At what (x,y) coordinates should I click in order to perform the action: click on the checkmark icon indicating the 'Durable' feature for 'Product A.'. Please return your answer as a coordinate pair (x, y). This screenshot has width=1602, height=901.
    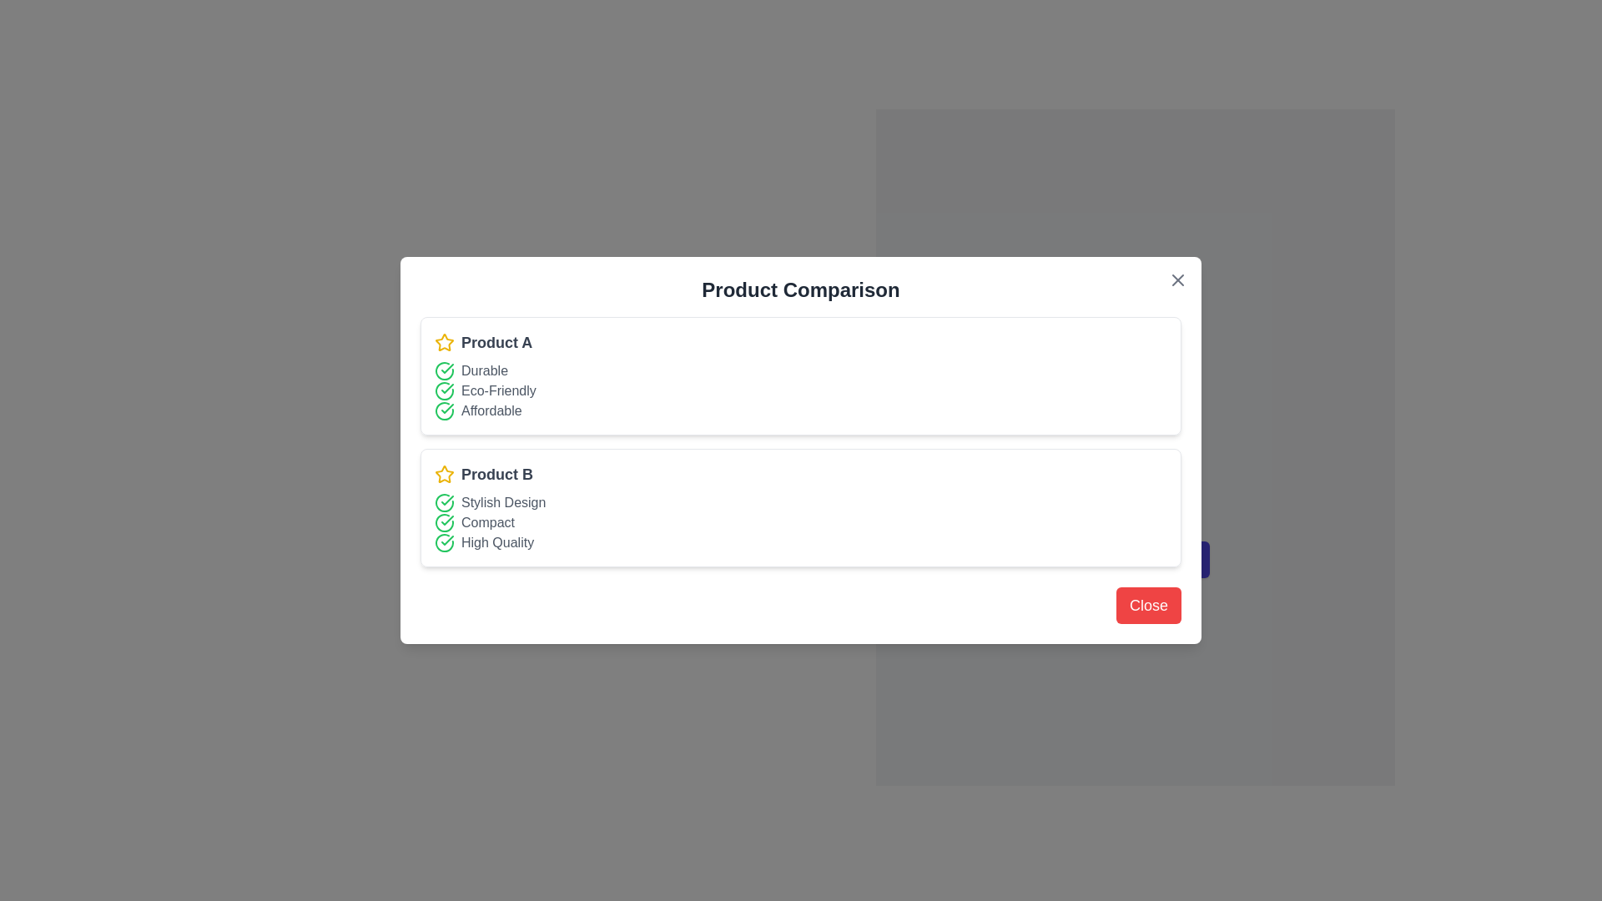
    Looking at the image, I should click on (444, 370).